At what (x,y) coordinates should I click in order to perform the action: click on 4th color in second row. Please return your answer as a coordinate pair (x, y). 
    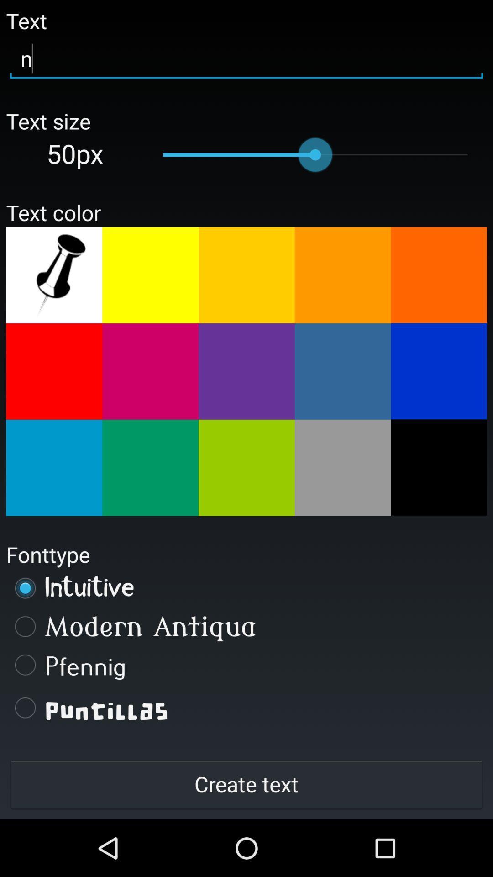
    Looking at the image, I should click on (343, 371).